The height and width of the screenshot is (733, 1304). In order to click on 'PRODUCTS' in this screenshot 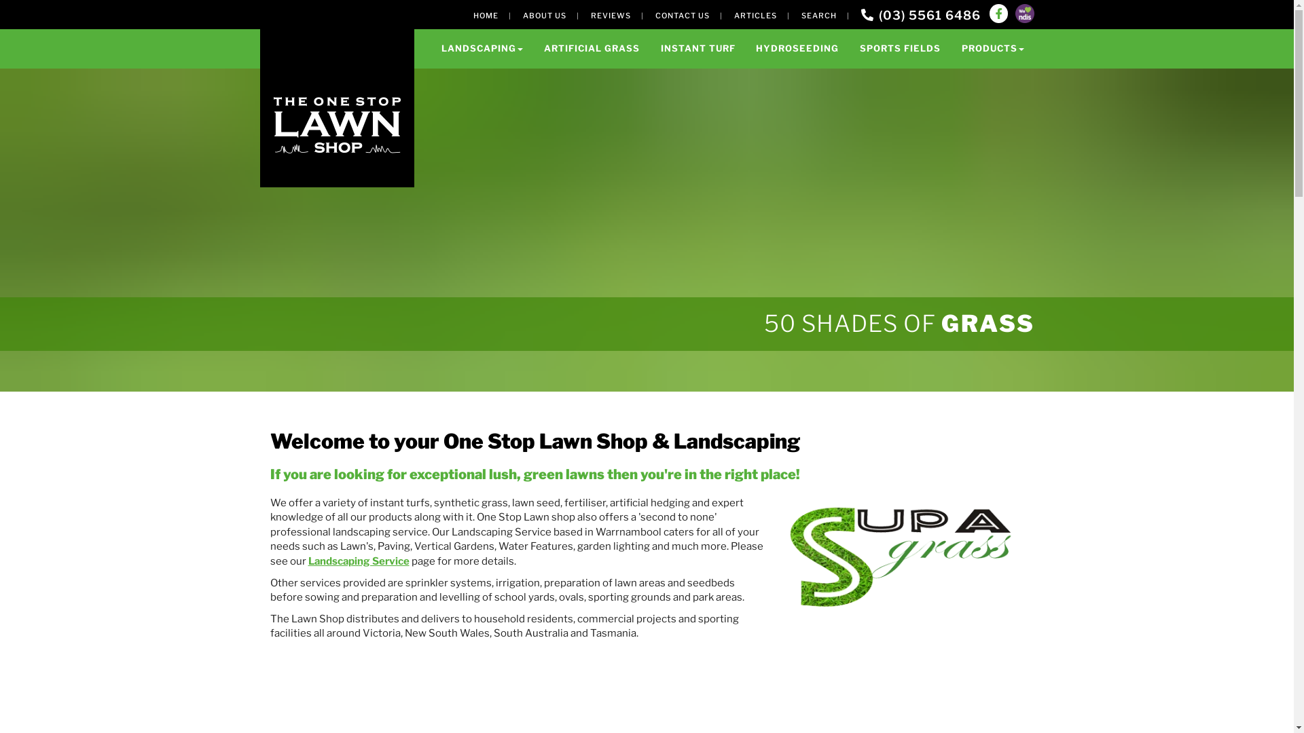, I will do `click(993, 48)`.